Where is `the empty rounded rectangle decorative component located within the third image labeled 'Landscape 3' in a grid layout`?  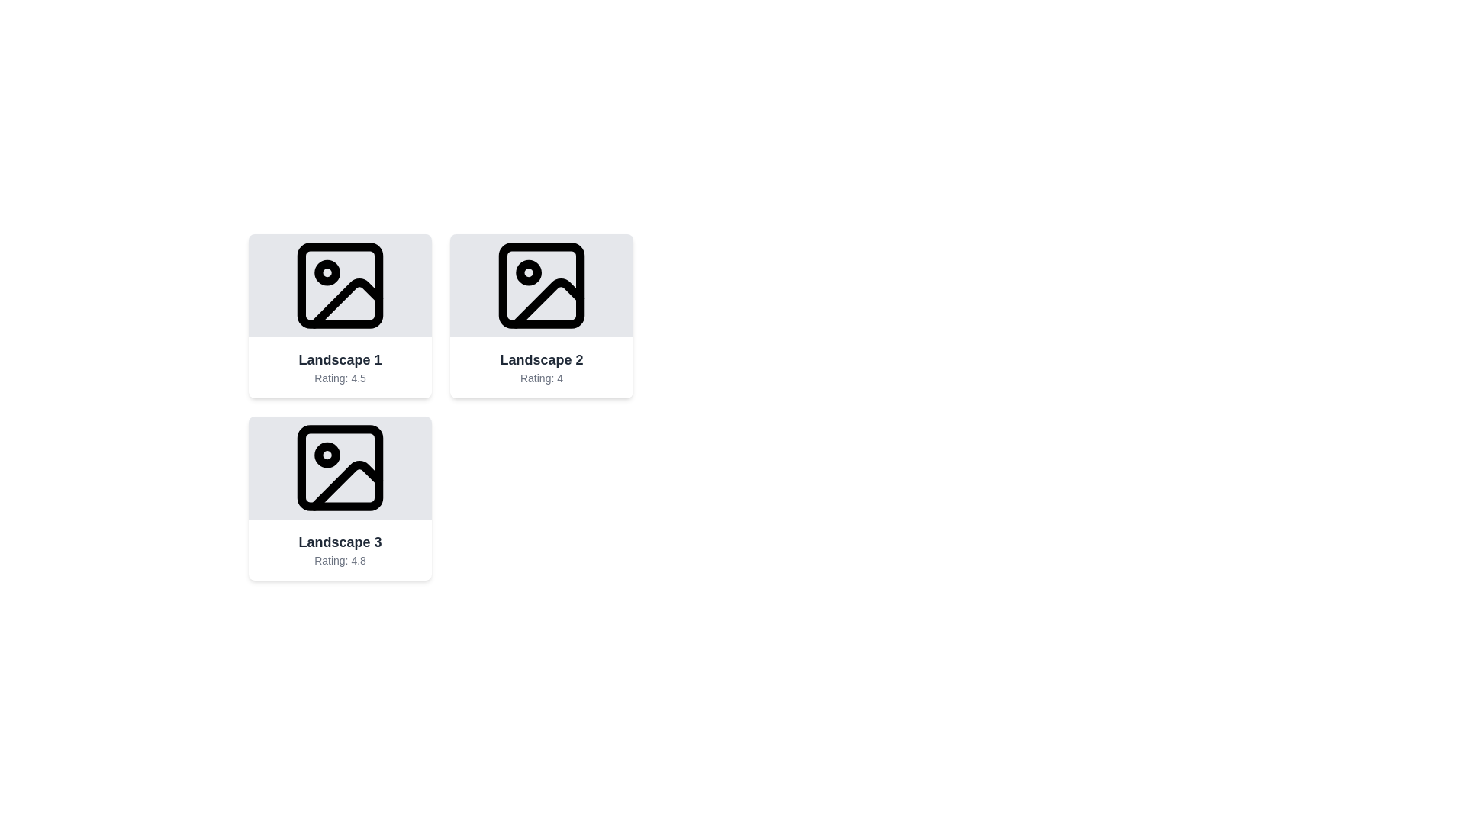
the empty rounded rectangle decorative component located within the third image labeled 'Landscape 3' in a grid layout is located at coordinates (340, 467).